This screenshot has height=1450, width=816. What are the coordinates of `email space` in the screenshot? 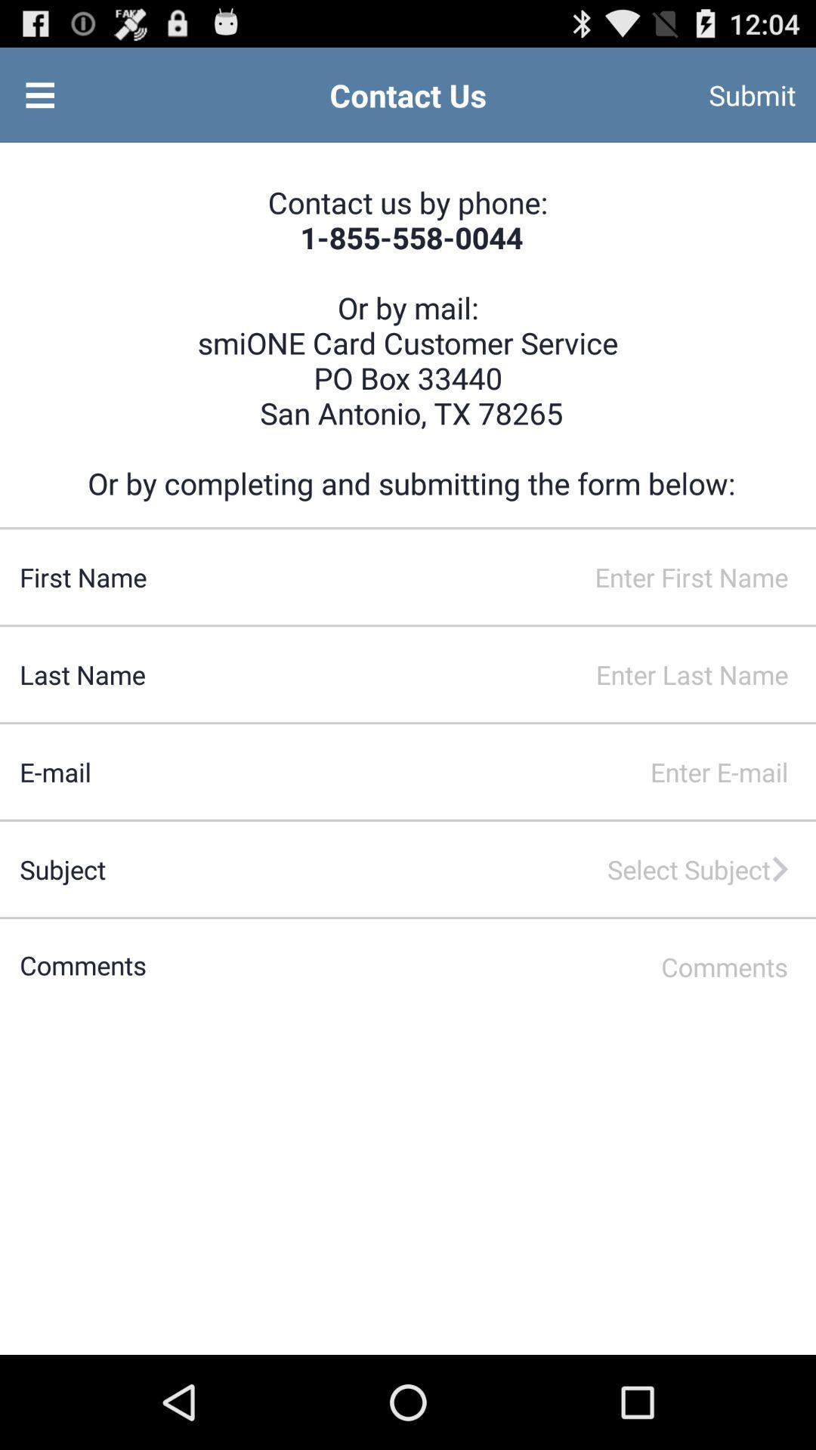 It's located at (453, 772).